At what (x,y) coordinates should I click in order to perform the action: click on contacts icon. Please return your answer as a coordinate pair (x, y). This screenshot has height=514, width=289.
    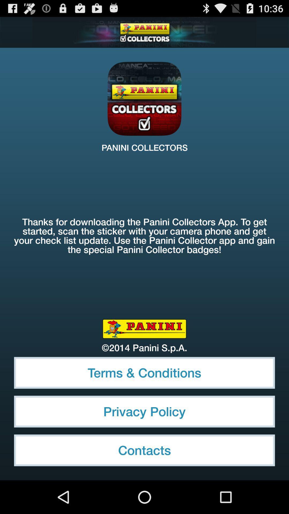
    Looking at the image, I should click on (144, 450).